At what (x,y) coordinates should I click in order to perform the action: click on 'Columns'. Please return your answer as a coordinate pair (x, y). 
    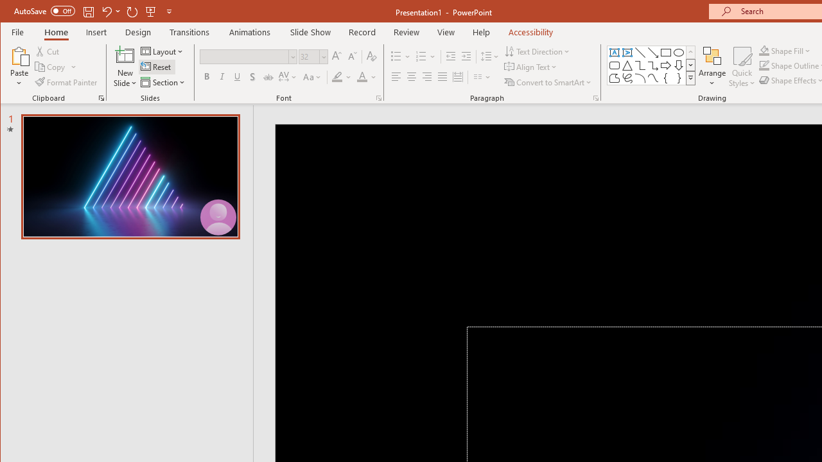
    Looking at the image, I should click on (482, 77).